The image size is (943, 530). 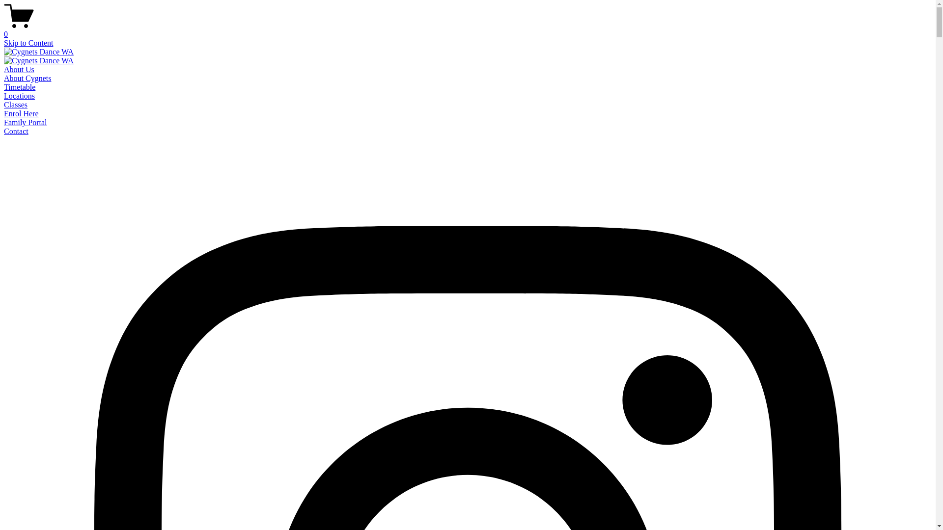 What do you see at coordinates (16, 105) in the screenshot?
I see `'Classes'` at bounding box center [16, 105].